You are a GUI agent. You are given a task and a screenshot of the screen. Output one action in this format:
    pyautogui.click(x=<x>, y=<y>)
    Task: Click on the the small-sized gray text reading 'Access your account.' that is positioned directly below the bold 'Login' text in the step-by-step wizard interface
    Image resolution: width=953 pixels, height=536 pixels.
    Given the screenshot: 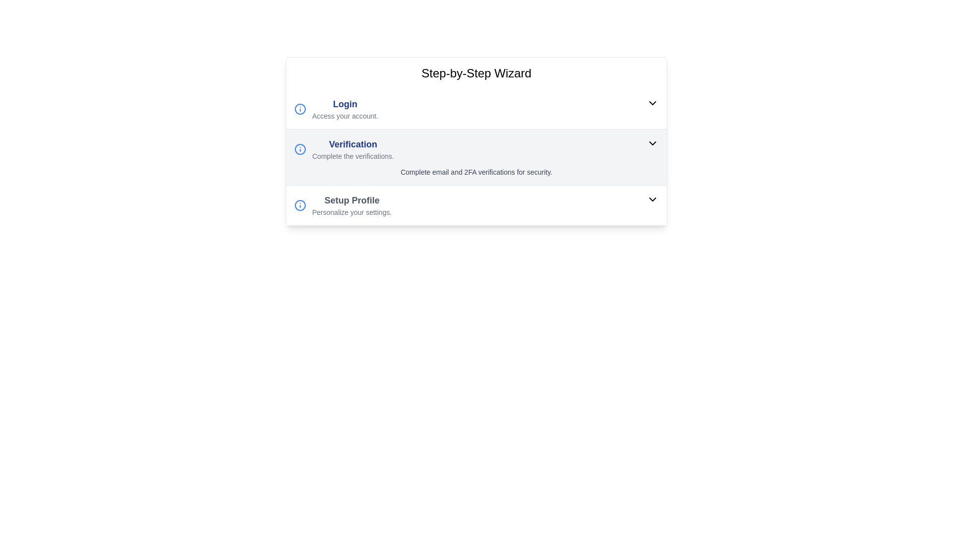 What is the action you would take?
    pyautogui.click(x=345, y=116)
    